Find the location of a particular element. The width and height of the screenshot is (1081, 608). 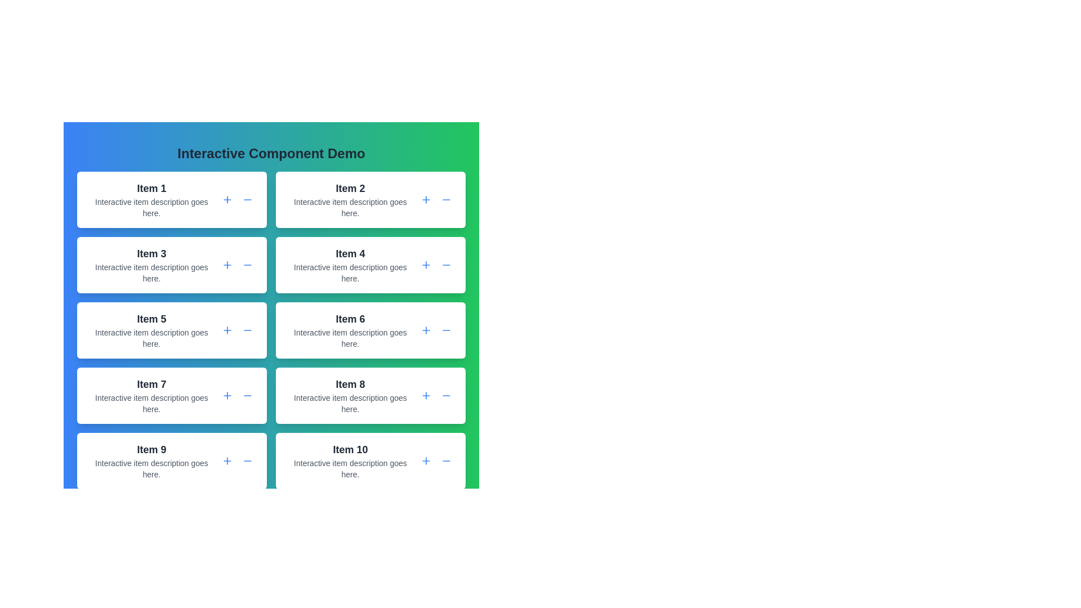

the small blue button resembling a horizontal line located in the card labeled 'Item 5' is located at coordinates (247, 329).